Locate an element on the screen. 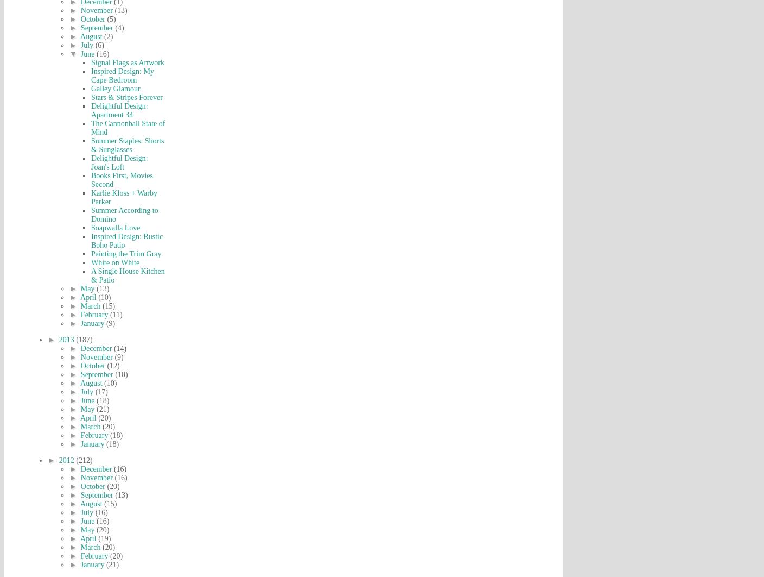 The height and width of the screenshot is (577, 764). 'Delightful Design: Apartment 34' is located at coordinates (118, 110).